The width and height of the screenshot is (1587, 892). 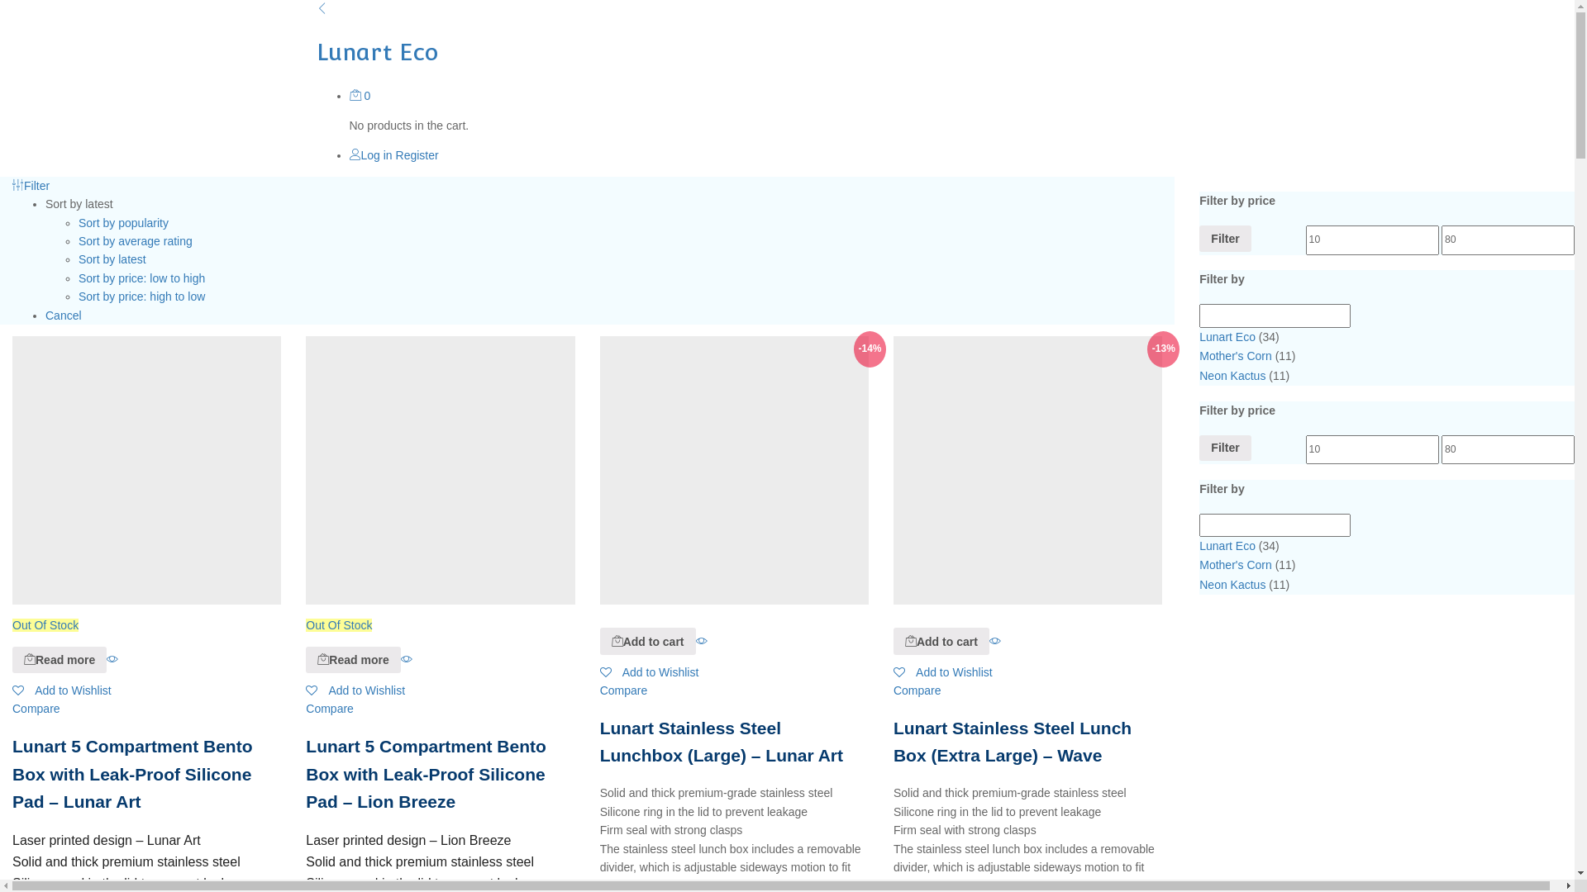 What do you see at coordinates (78, 295) in the screenshot?
I see `'Sort by price: high to low'` at bounding box center [78, 295].